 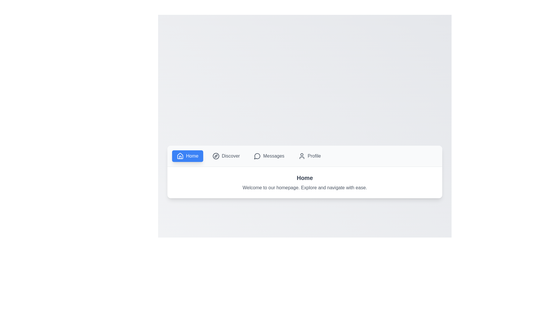 What do you see at coordinates (269, 156) in the screenshot?
I see `the Messages tab to switch to it` at bounding box center [269, 156].